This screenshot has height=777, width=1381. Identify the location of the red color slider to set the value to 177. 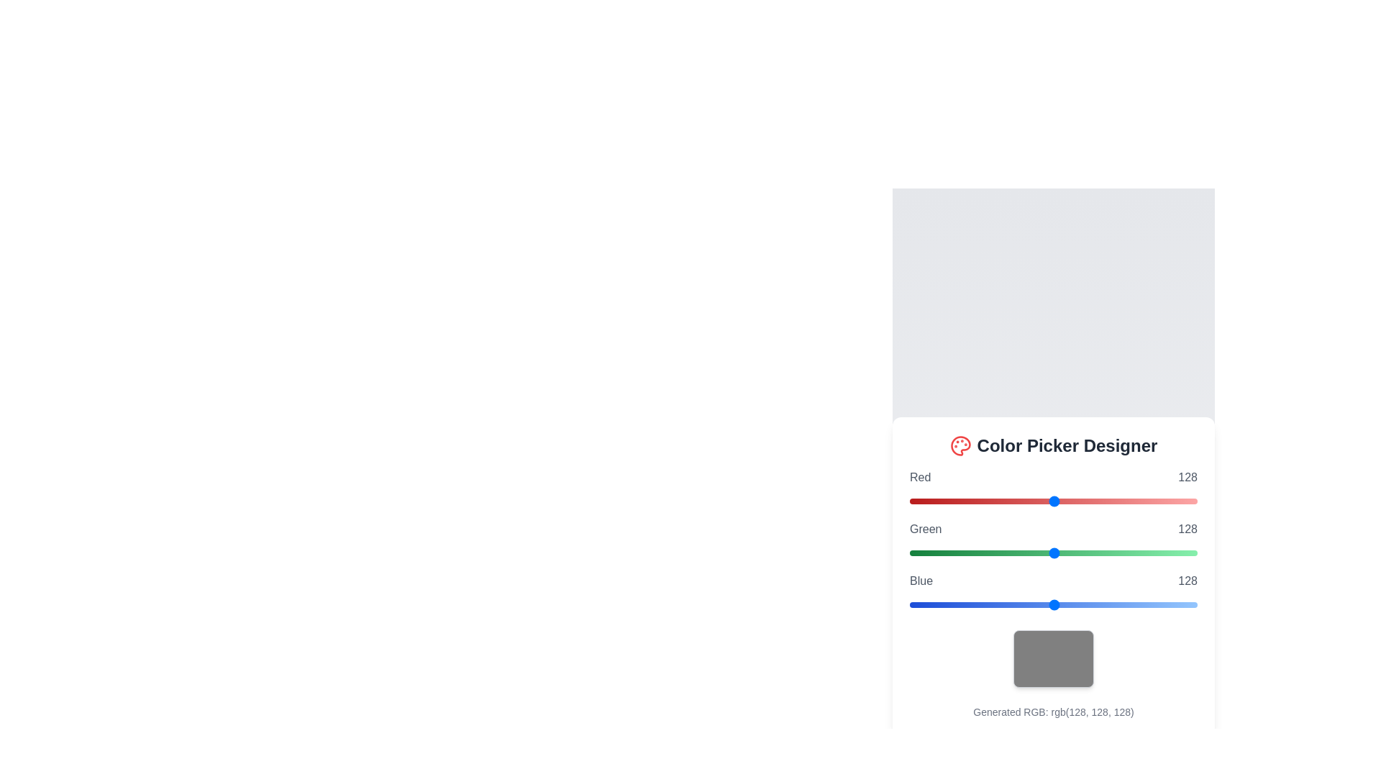
(1108, 501).